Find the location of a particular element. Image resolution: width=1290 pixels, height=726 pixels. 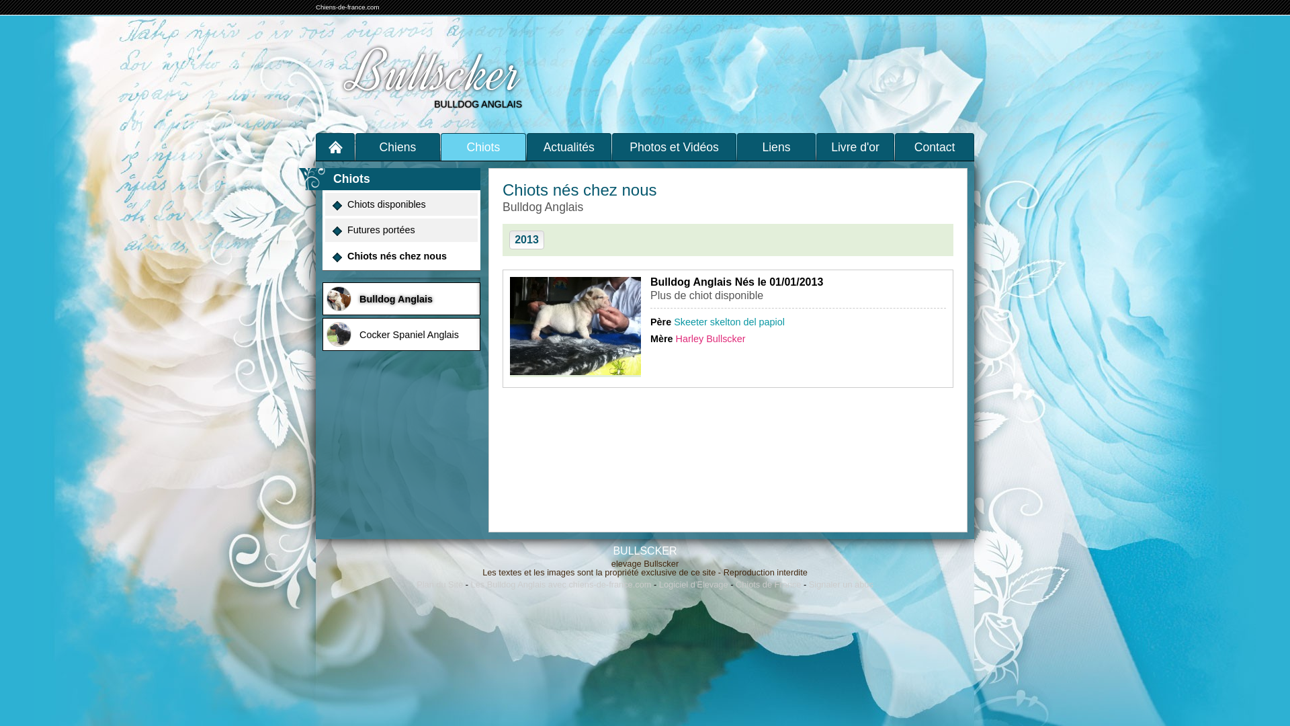

'Chiens-de-france.com' is located at coordinates (347, 7).